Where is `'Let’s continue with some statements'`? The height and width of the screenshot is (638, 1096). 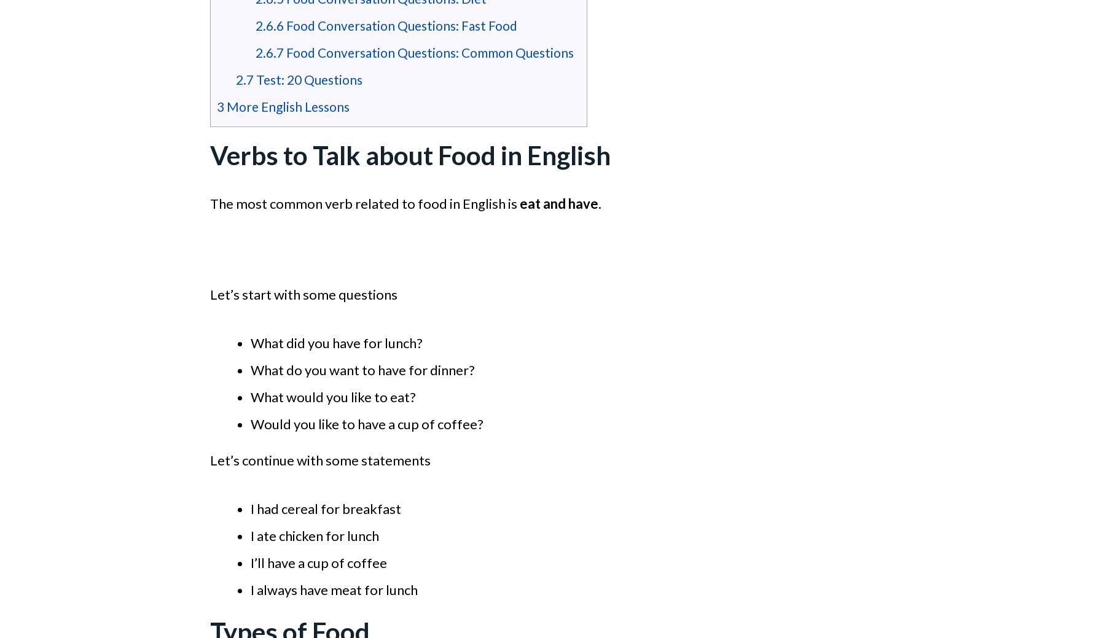 'Let’s continue with some statements' is located at coordinates (320, 459).